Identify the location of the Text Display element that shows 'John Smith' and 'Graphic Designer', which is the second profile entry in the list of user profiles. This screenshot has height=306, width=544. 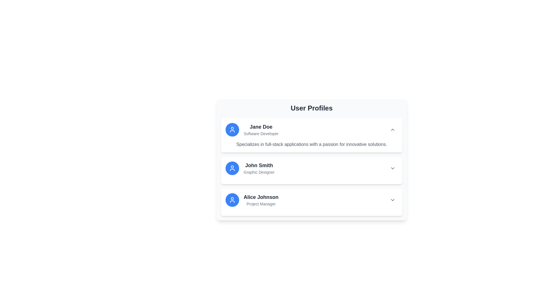
(259, 168).